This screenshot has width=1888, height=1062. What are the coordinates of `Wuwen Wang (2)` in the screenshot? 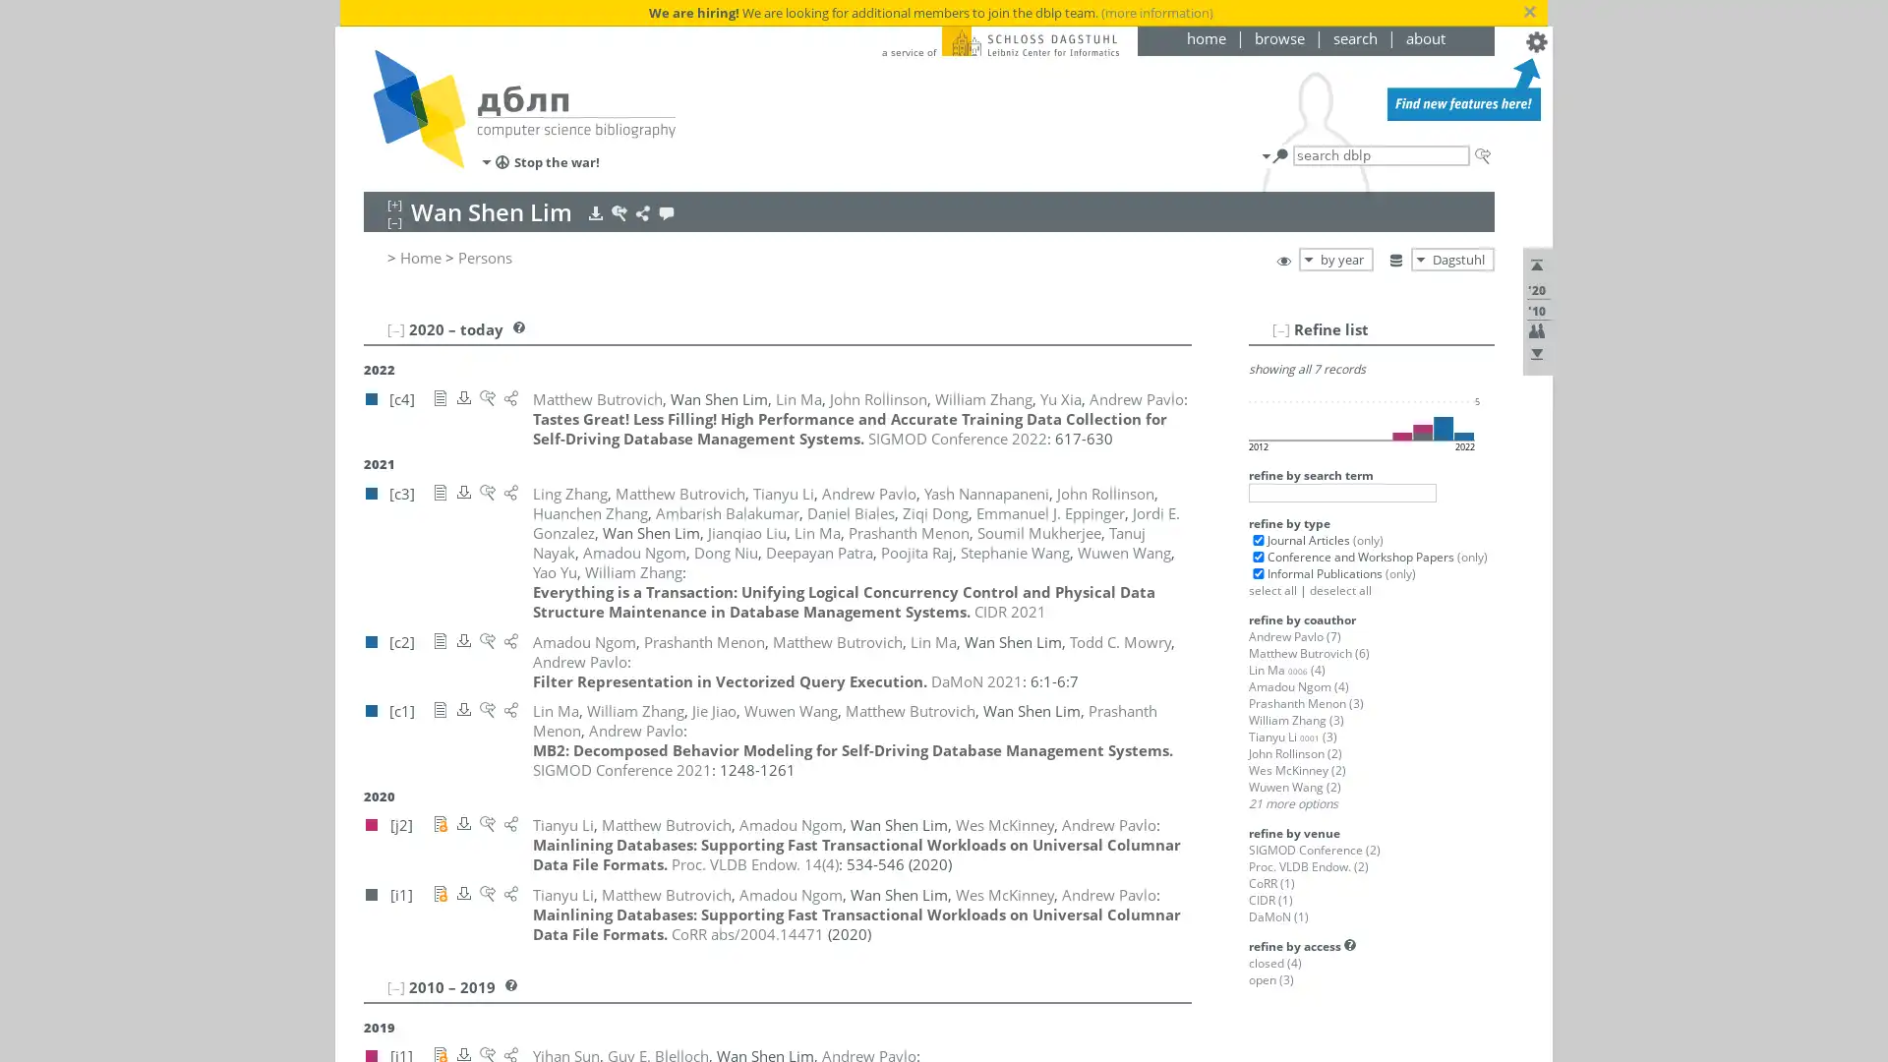 It's located at (1294, 786).